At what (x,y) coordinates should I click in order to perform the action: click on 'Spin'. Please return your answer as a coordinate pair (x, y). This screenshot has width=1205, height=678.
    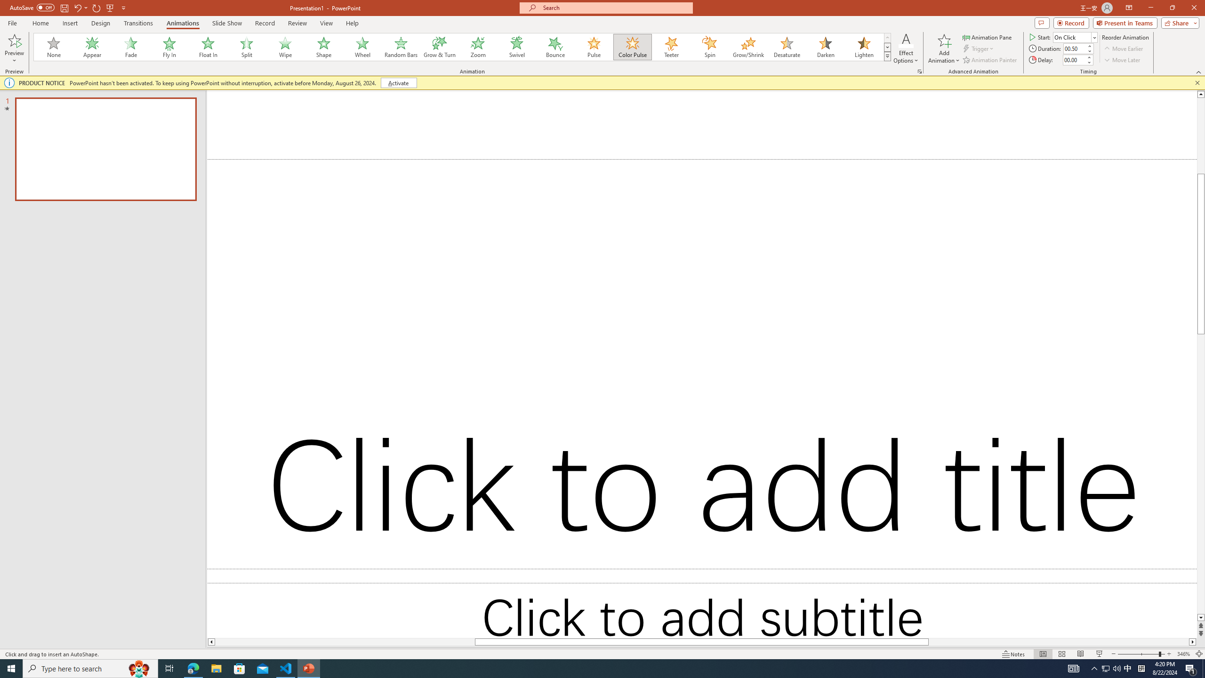
    Looking at the image, I should click on (709, 47).